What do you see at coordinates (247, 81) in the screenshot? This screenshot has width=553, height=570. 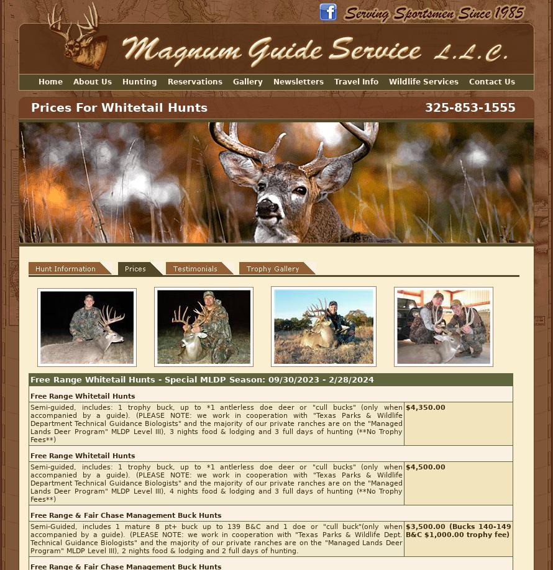 I see `'Gallery'` at bounding box center [247, 81].